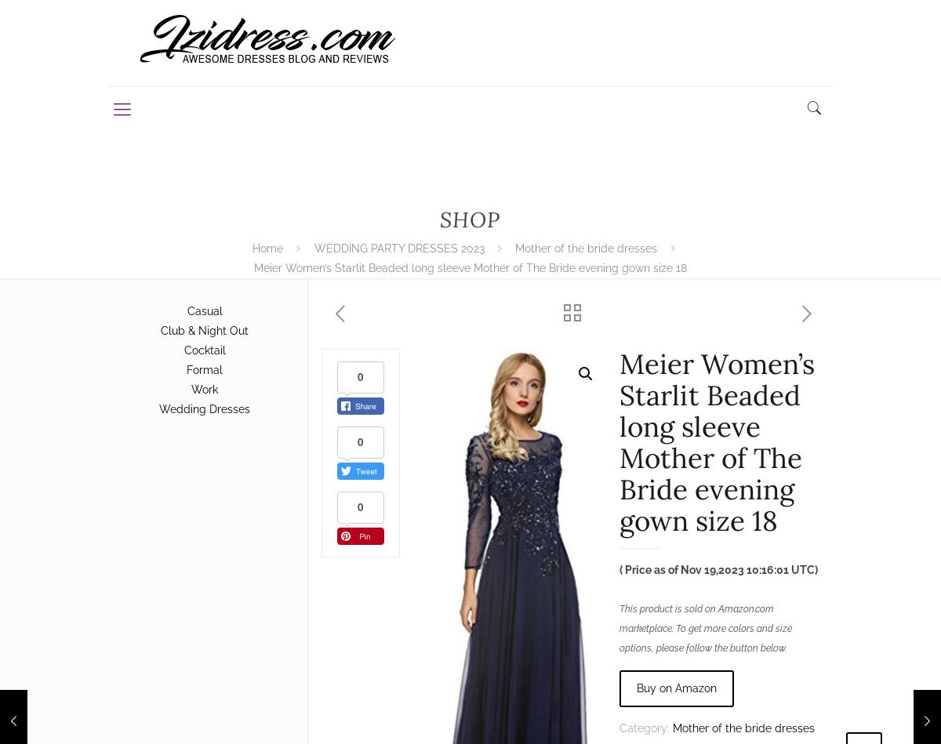 This screenshot has width=941, height=744. I want to click on 'Category:', so click(644, 727).